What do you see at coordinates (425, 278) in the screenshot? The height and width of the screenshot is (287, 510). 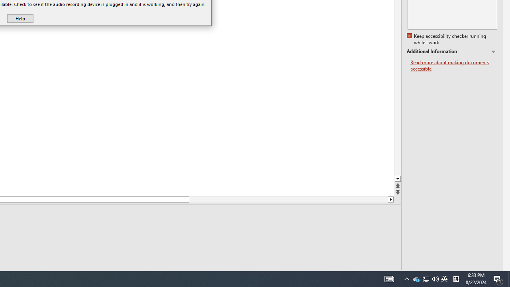 I see `'User Promoted Notification Area'` at bounding box center [425, 278].